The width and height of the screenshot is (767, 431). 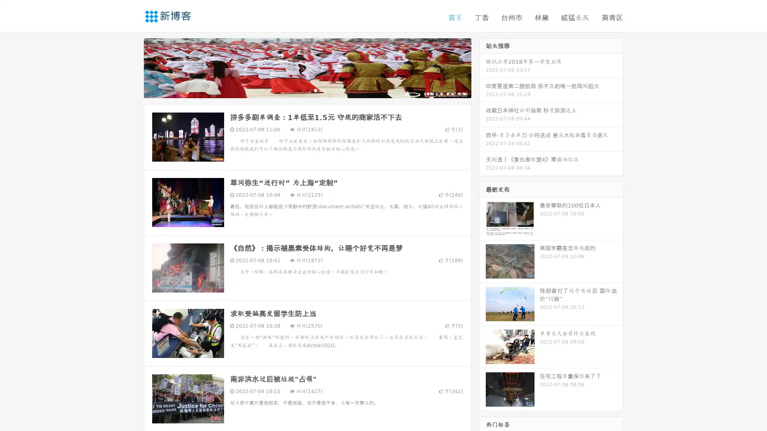 I want to click on Go to slide 1, so click(x=299, y=90).